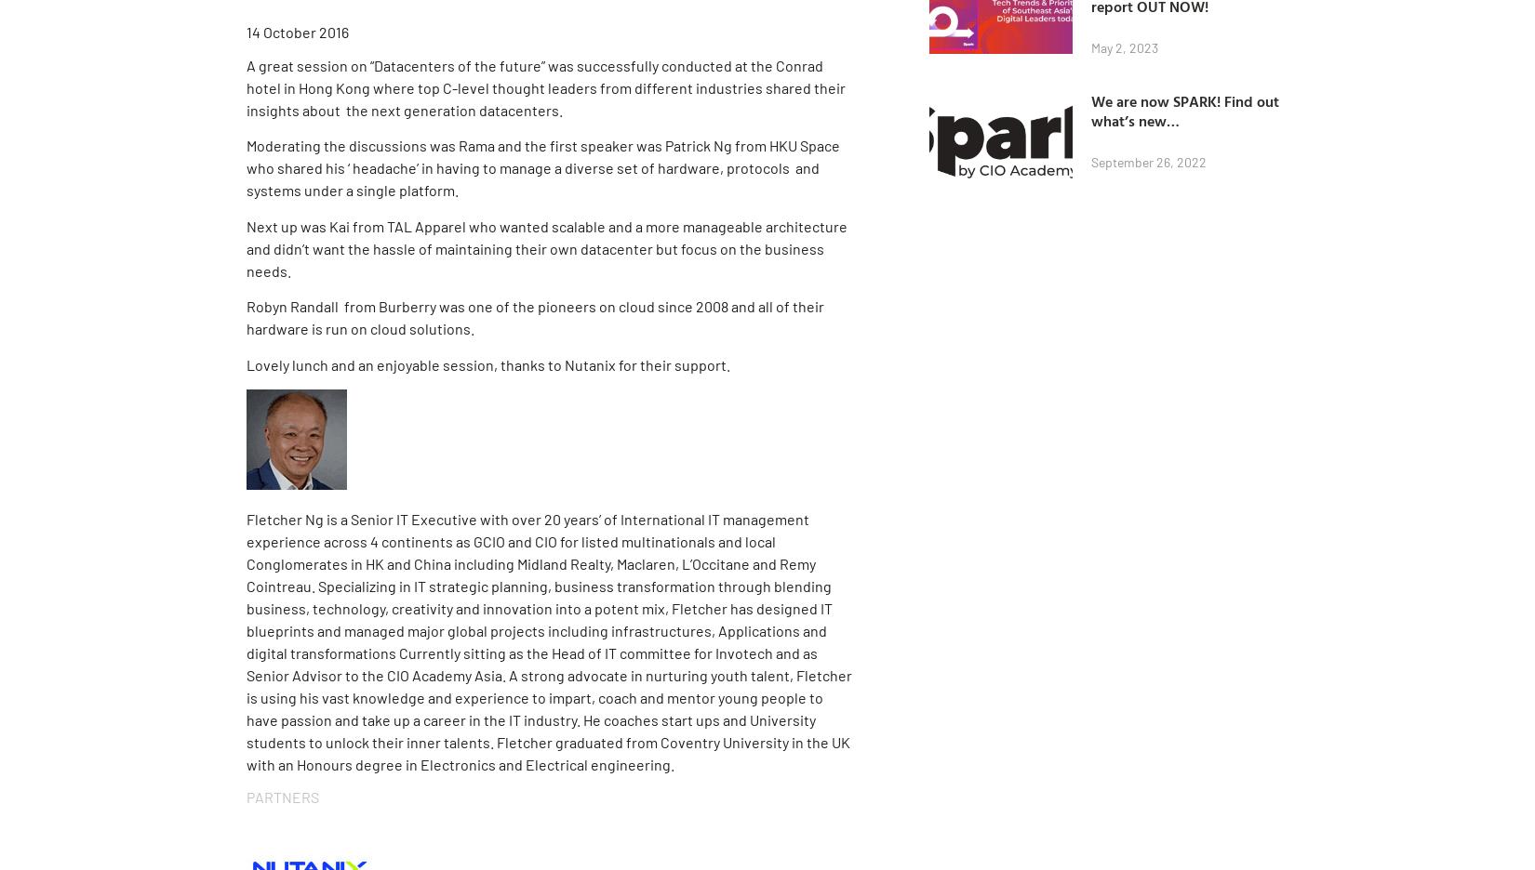  What do you see at coordinates (1149, 161) in the screenshot?
I see `'September 26, 2022'` at bounding box center [1149, 161].